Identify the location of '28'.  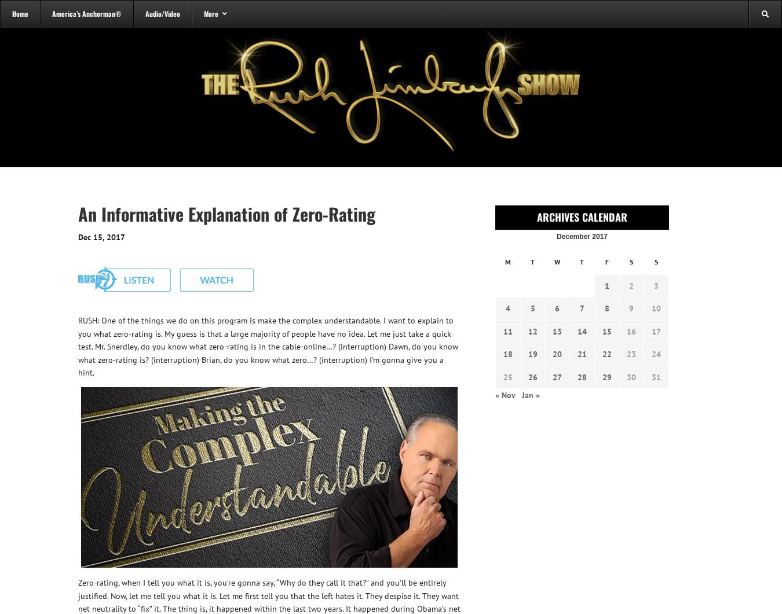
(576, 376).